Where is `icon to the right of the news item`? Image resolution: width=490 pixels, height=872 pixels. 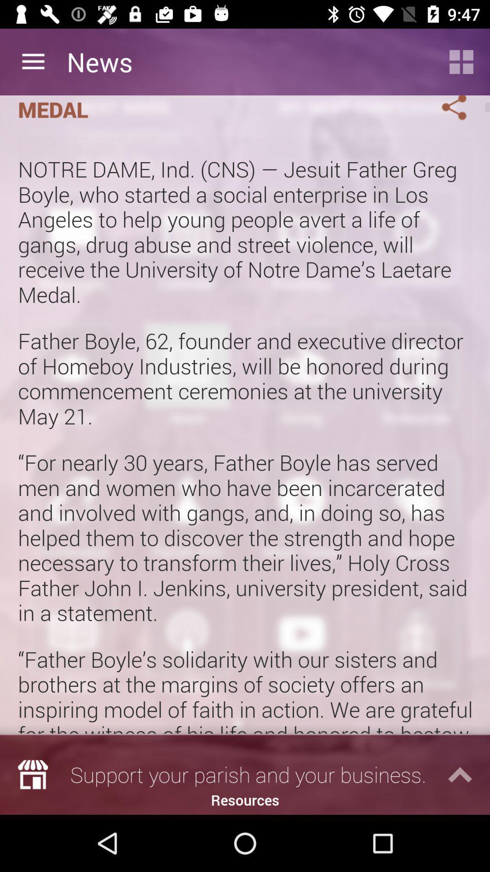
icon to the right of the news item is located at coordinates (461, 61).